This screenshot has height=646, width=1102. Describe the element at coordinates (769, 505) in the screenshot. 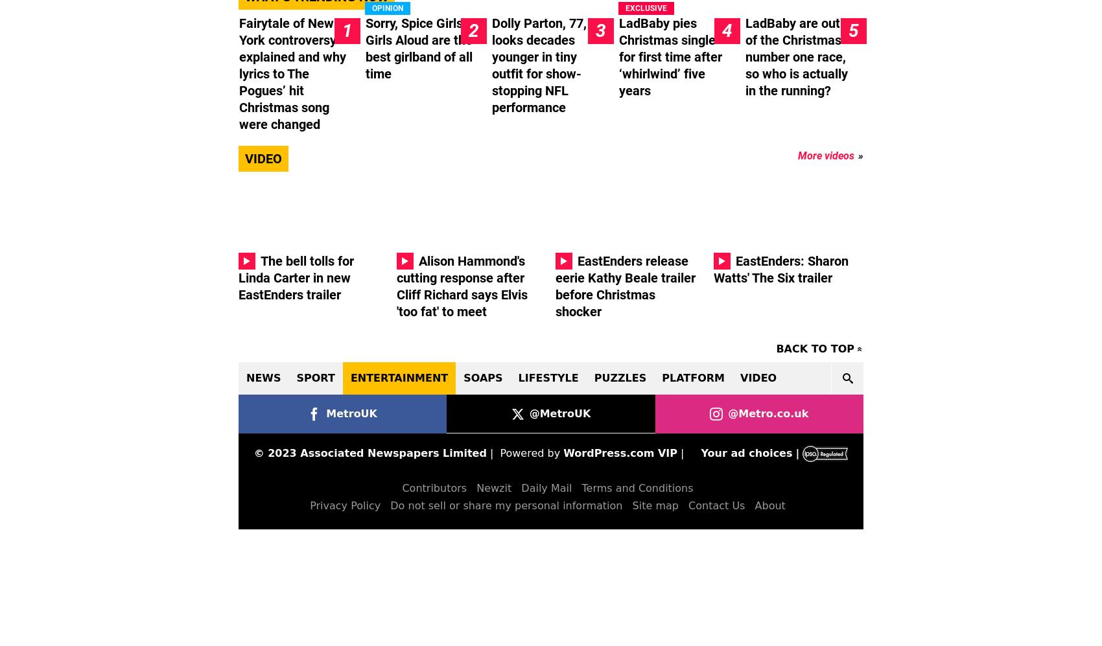

I see `'About'` at that location.